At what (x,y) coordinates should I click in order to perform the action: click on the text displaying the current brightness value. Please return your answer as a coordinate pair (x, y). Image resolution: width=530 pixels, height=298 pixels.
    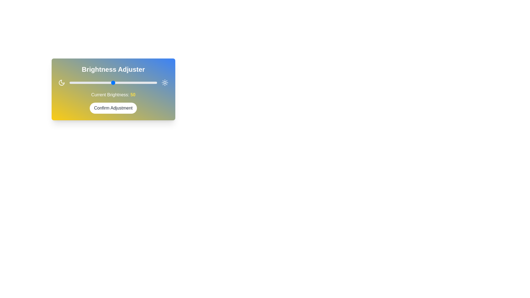
    Looking at the image, I should click on (113, 94).